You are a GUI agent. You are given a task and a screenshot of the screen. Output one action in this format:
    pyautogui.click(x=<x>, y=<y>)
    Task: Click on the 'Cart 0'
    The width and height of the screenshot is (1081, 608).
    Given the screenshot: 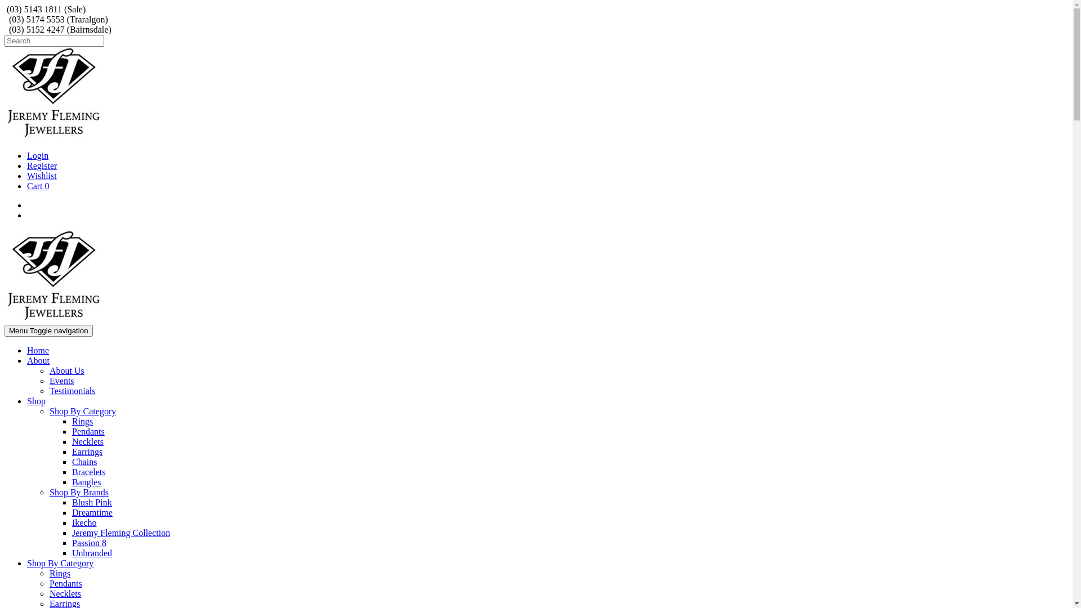 What is the action you would take?
    pyautogui.click(x=38, y=185)
    